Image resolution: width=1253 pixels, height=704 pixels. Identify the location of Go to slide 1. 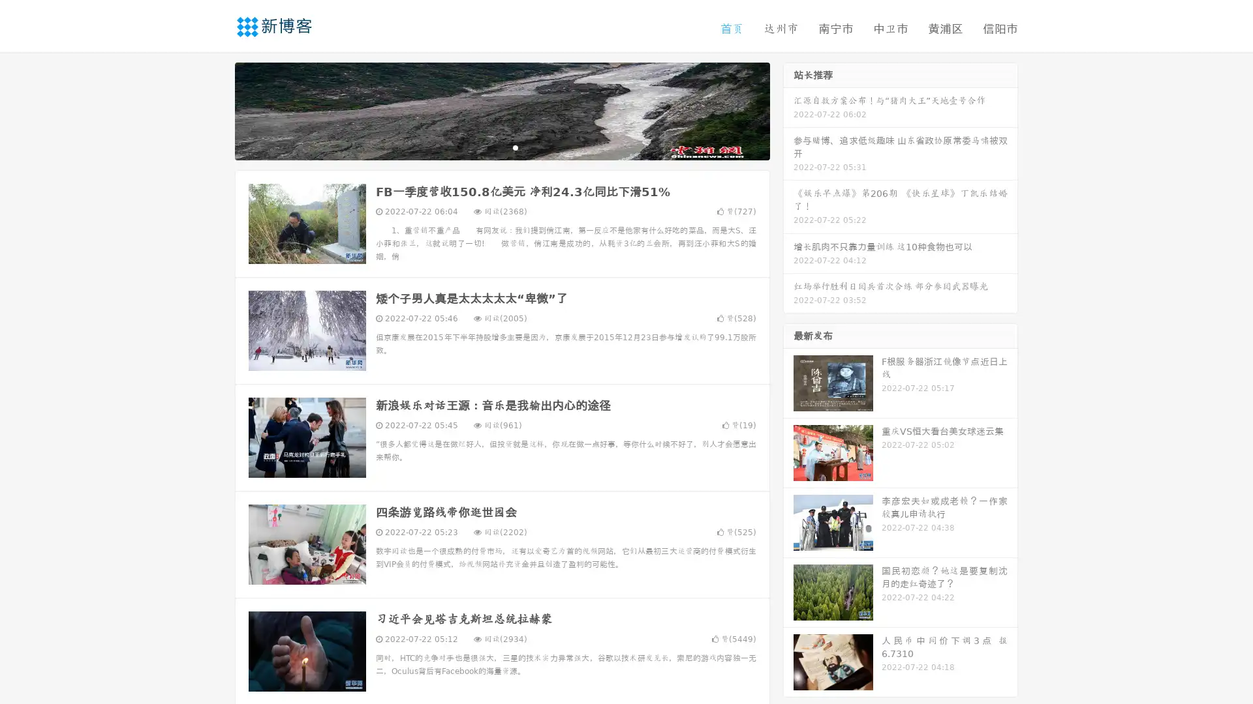
(488, 147).